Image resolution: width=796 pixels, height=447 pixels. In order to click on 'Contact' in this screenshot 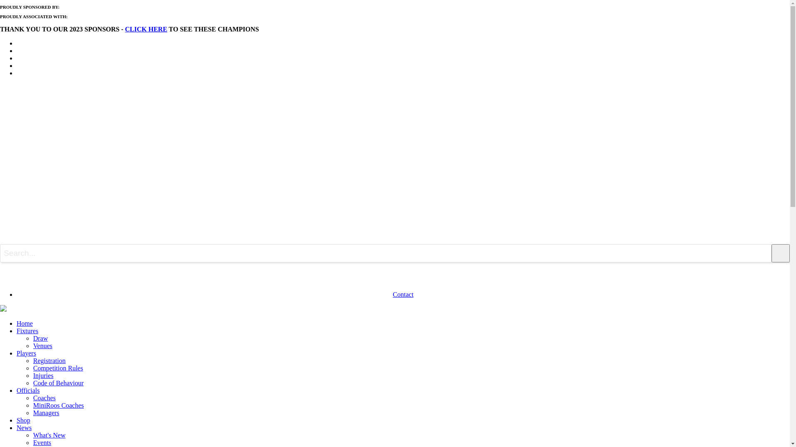, I will do `click(403, 294)`.